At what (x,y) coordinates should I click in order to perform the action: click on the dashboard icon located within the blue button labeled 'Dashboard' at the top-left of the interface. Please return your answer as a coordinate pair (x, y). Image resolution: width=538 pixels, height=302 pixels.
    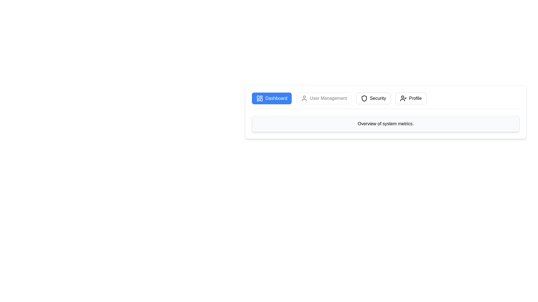
    Looking at the image, I should click on (259, 98).